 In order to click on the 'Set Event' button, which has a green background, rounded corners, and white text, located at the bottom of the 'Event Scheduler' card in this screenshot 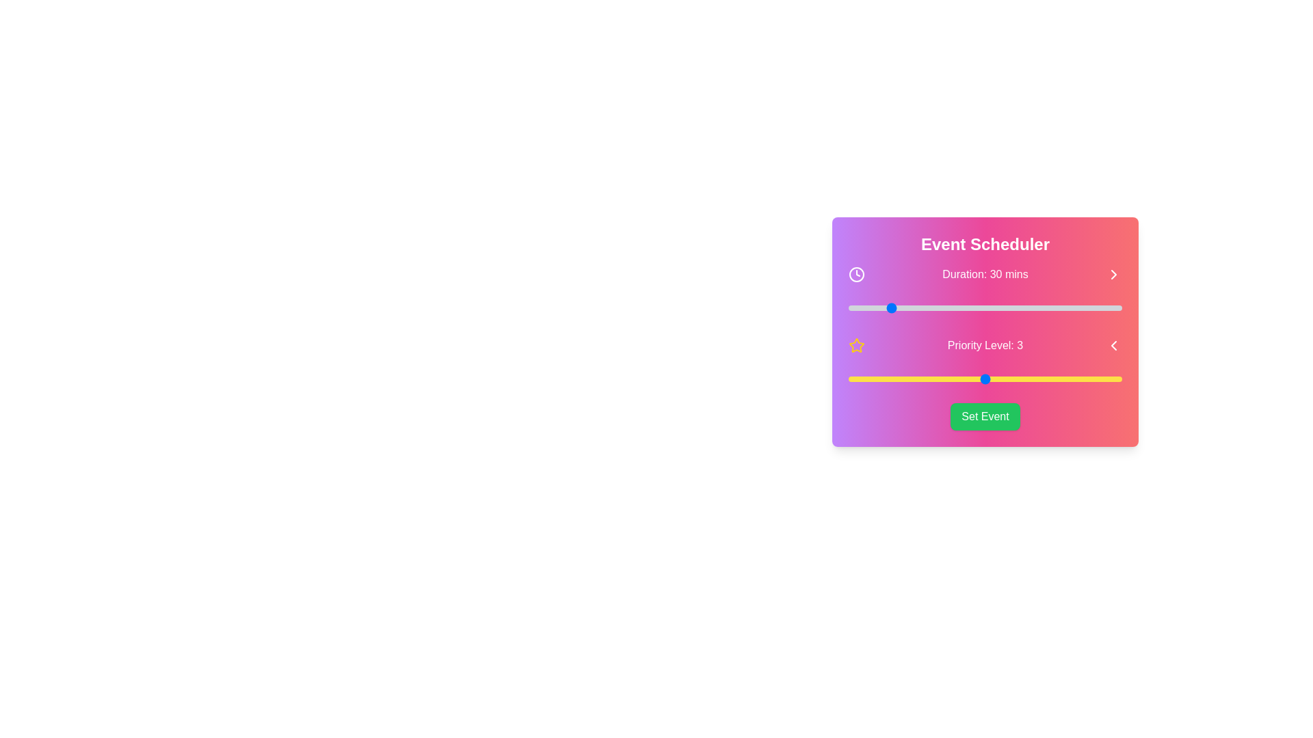, I will do `click(985, 415)`.